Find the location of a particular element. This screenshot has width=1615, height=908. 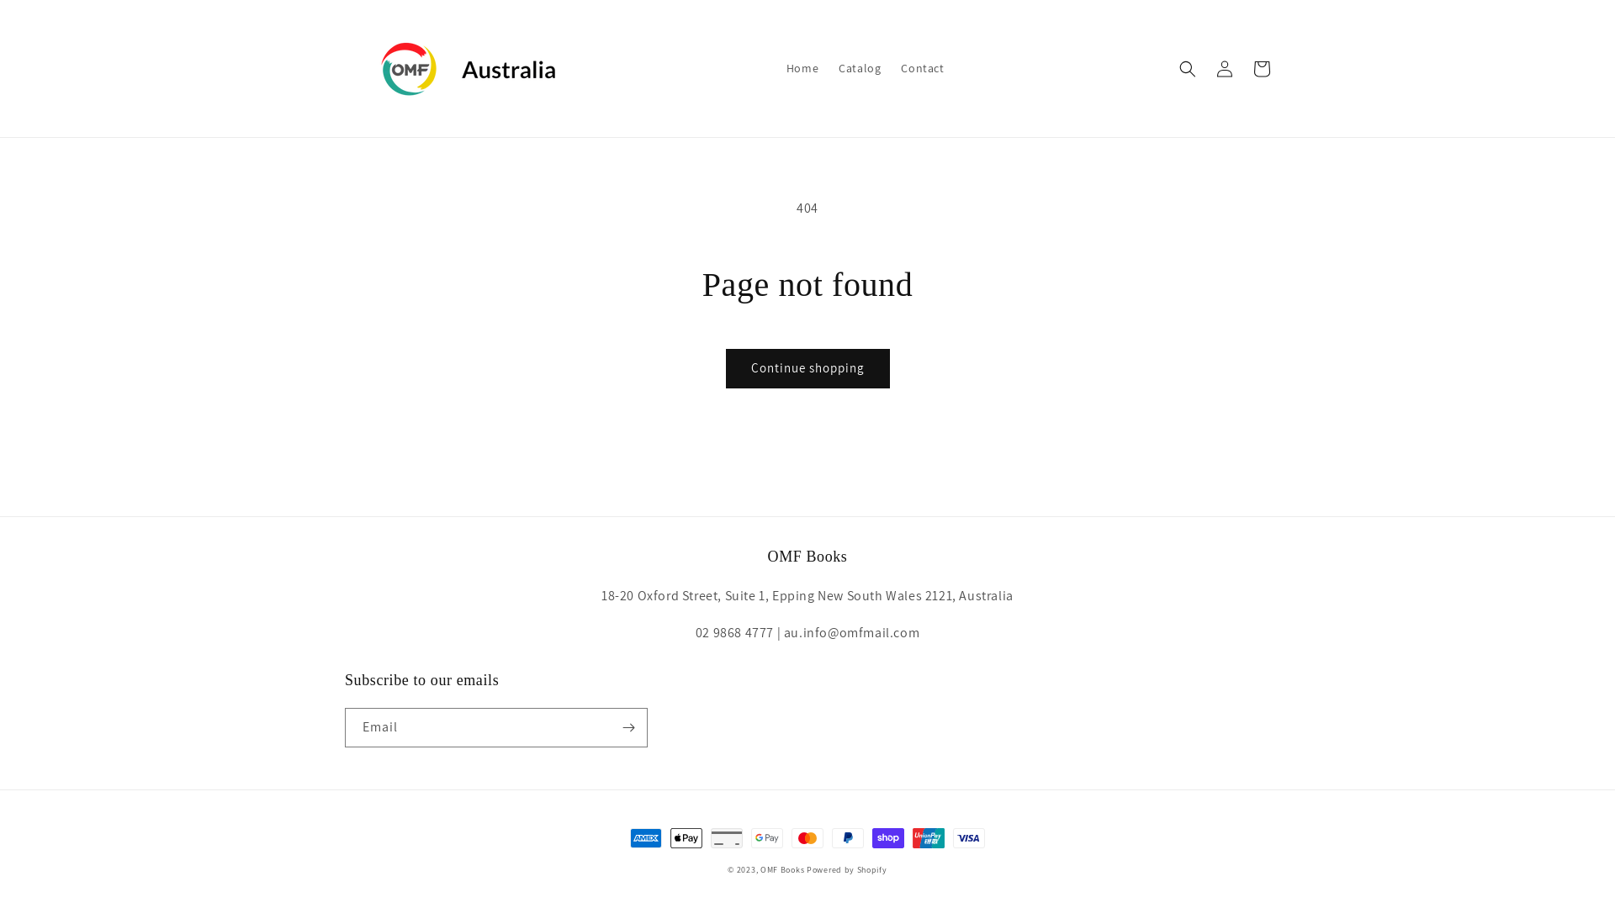

'Powered by Shopify' is located at coordinates (847, 869).